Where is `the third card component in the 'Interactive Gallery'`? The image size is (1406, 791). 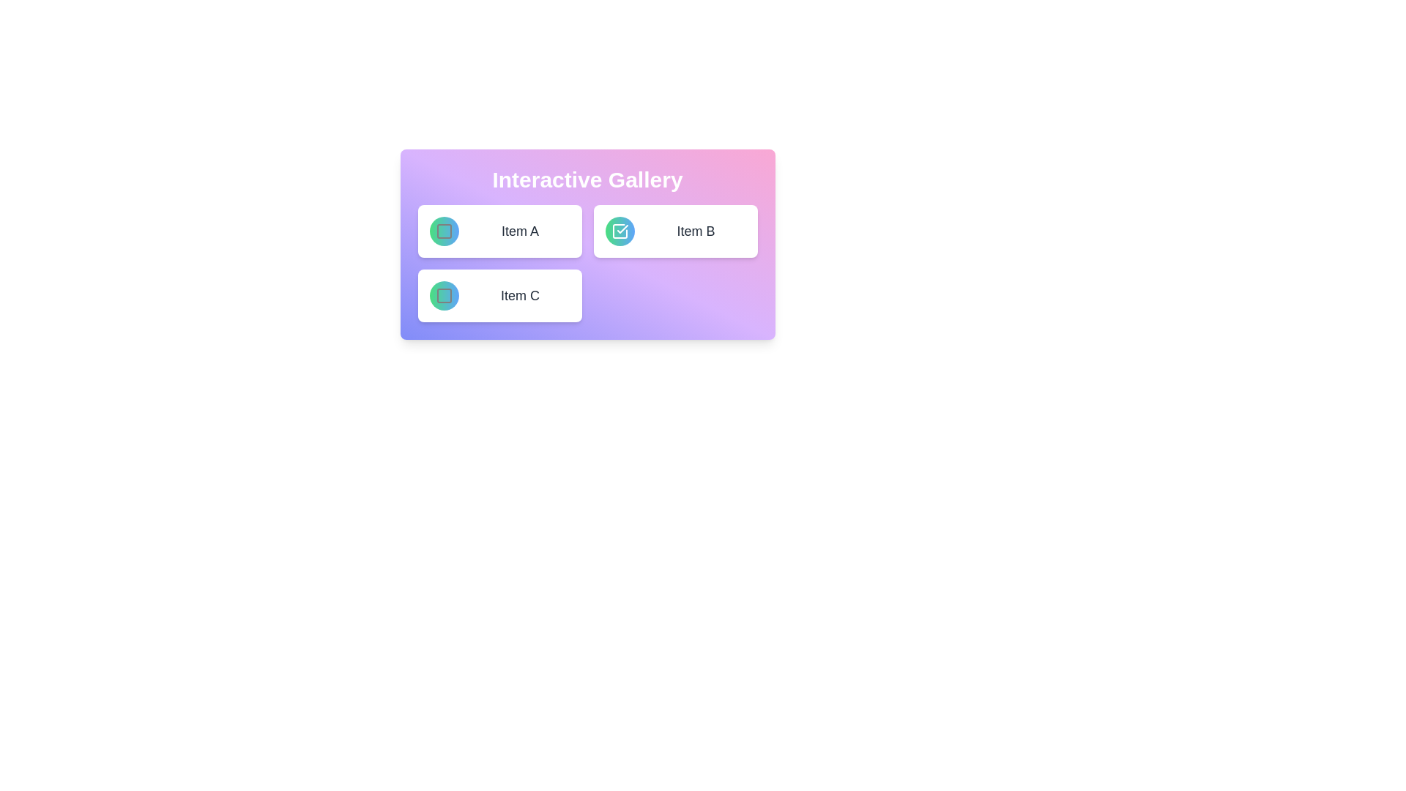 the third card component in the 'Interactive Gallery' is located at coordinates (499, 296).